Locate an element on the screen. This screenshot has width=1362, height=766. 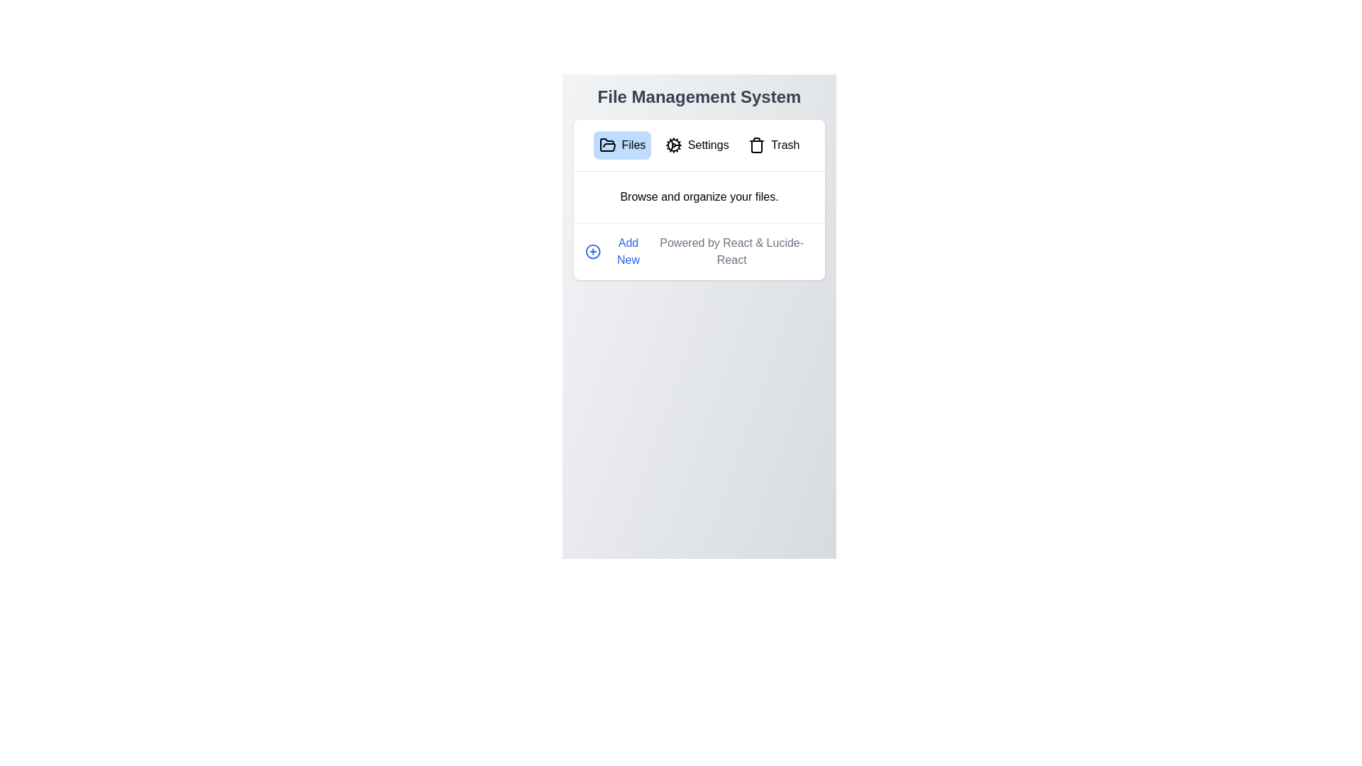
the Settings tab by clicking on its corresponding button is located at coordinates (697, 145).